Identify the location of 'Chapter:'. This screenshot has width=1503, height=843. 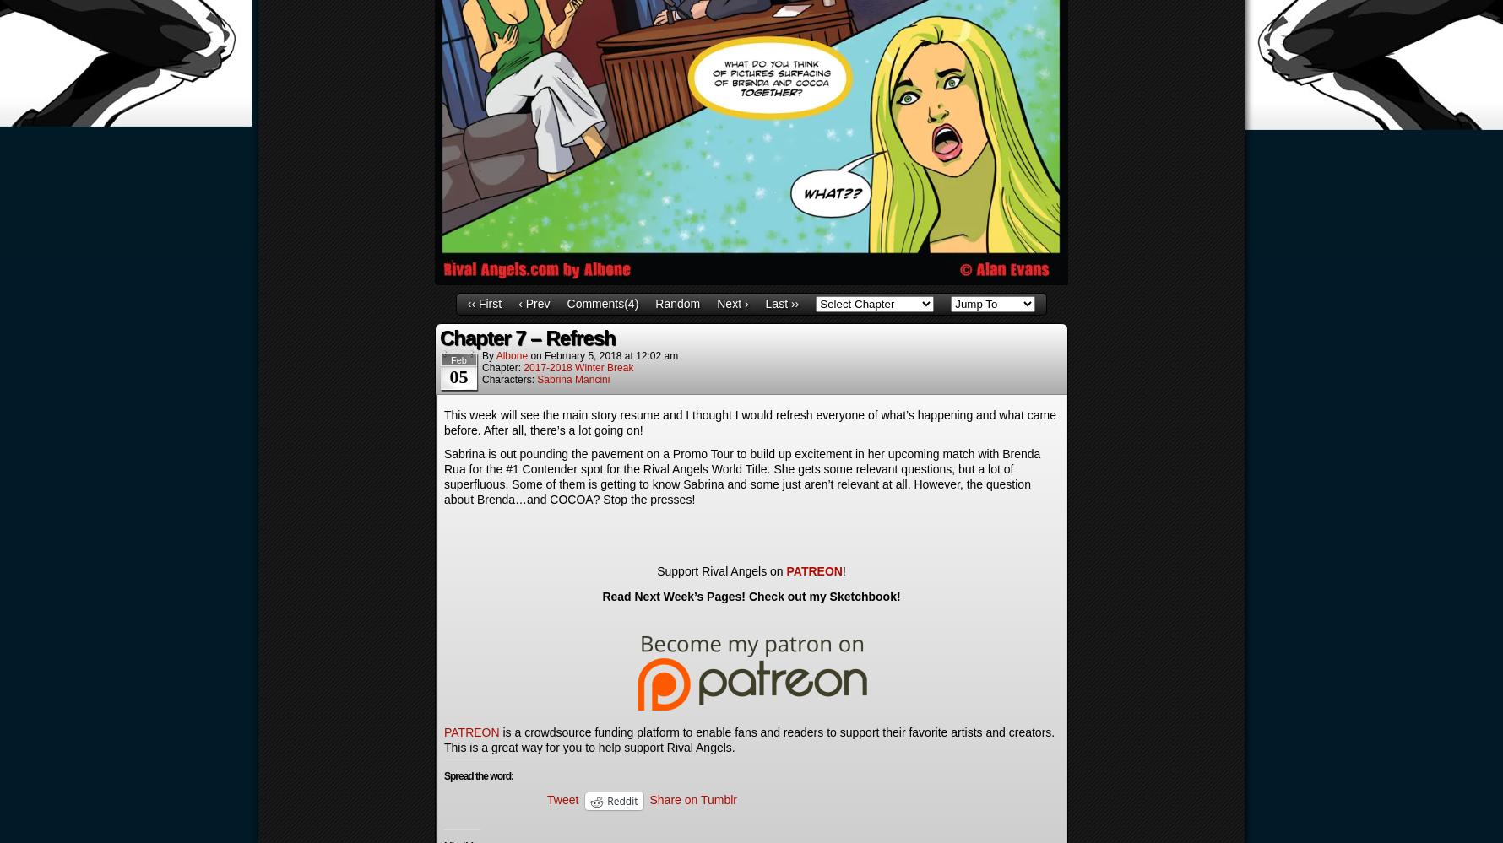
(481, 365).